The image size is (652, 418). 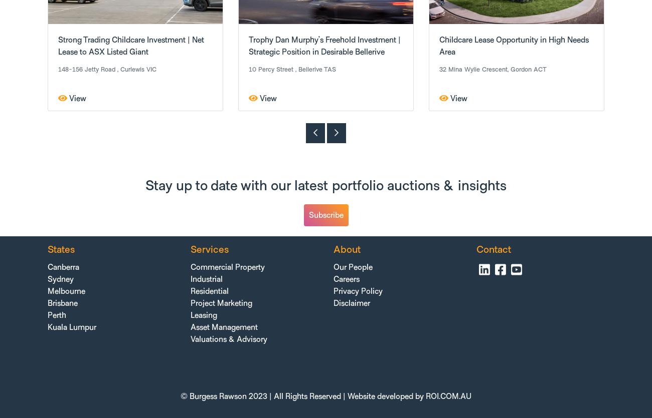 What do you see at coordinates (448, 395) in the screenshot?
I see `'ROI.COM.AU'` at bounding box center [448, 395].